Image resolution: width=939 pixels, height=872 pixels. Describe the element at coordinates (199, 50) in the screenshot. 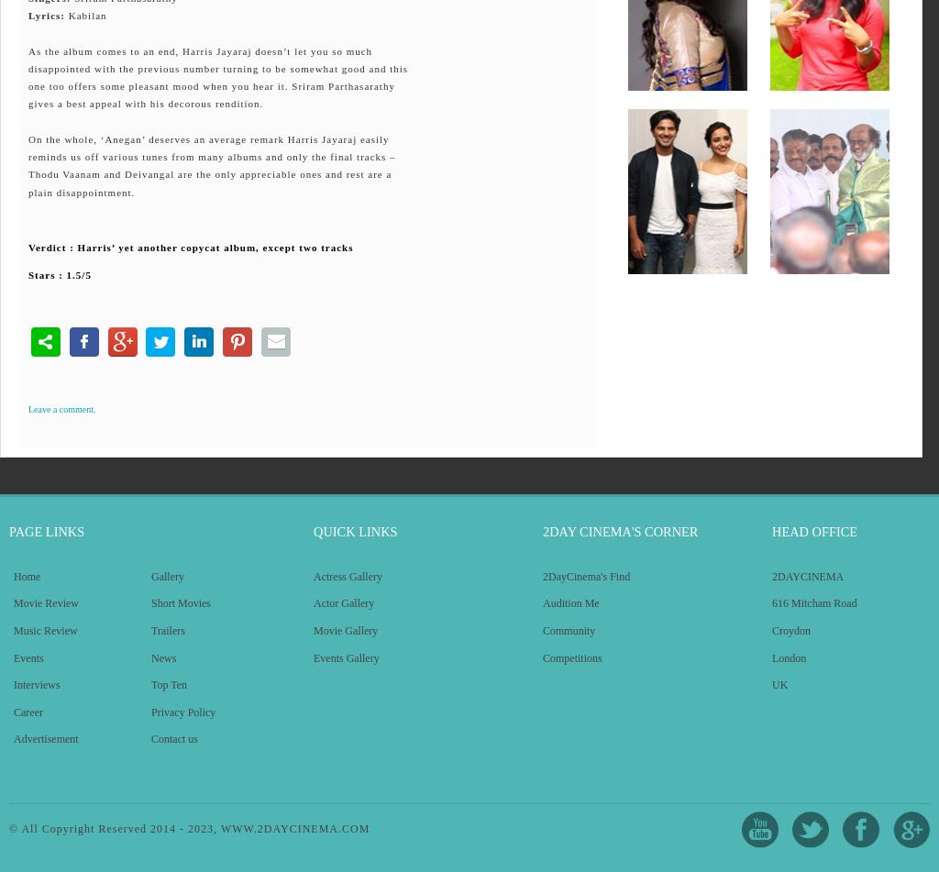

I see `'As the album comes to an end, Harris Jayaraj doesn’t let you so much'` at that location.